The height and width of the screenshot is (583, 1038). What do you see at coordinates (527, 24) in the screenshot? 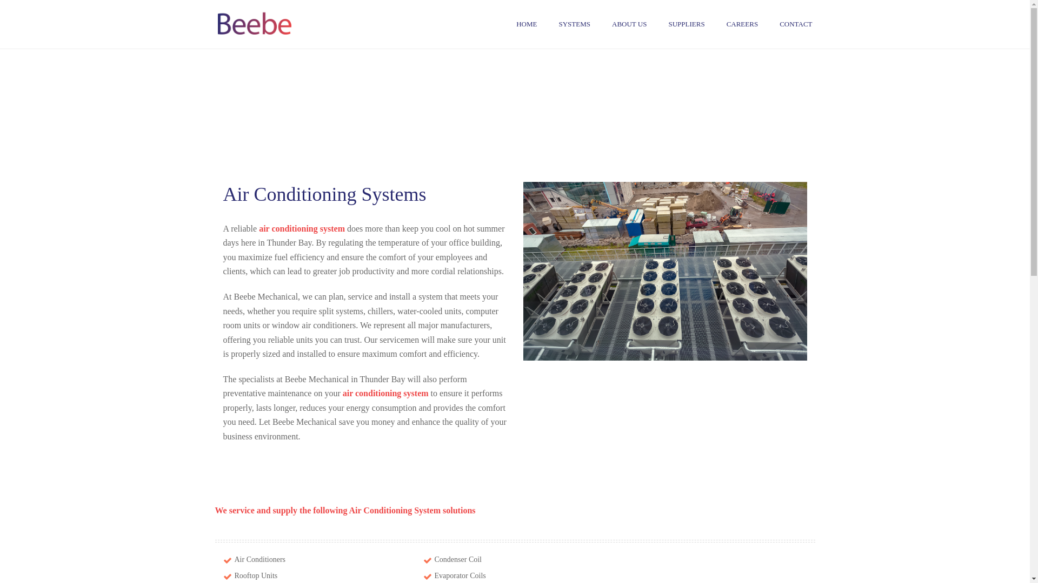
I see `'HOME'` at bounding box center [527, 24].